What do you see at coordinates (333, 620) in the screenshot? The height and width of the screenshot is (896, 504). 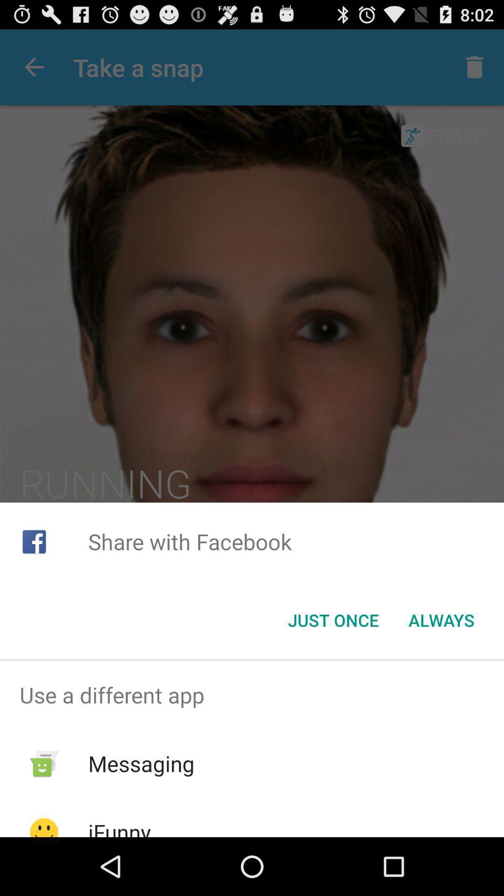 I see `the just once item` at bounding box center [333, 620].